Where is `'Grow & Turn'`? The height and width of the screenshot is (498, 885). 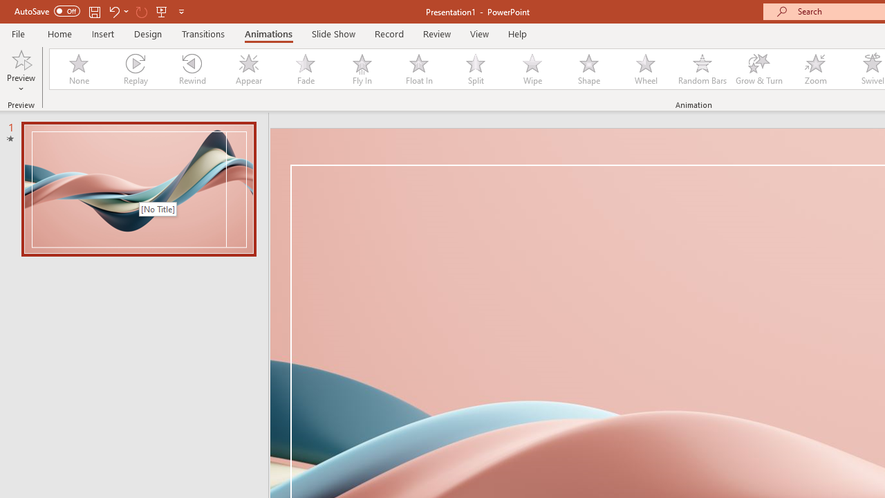 'Grow & Turn' is located at coordinates (758, 69).